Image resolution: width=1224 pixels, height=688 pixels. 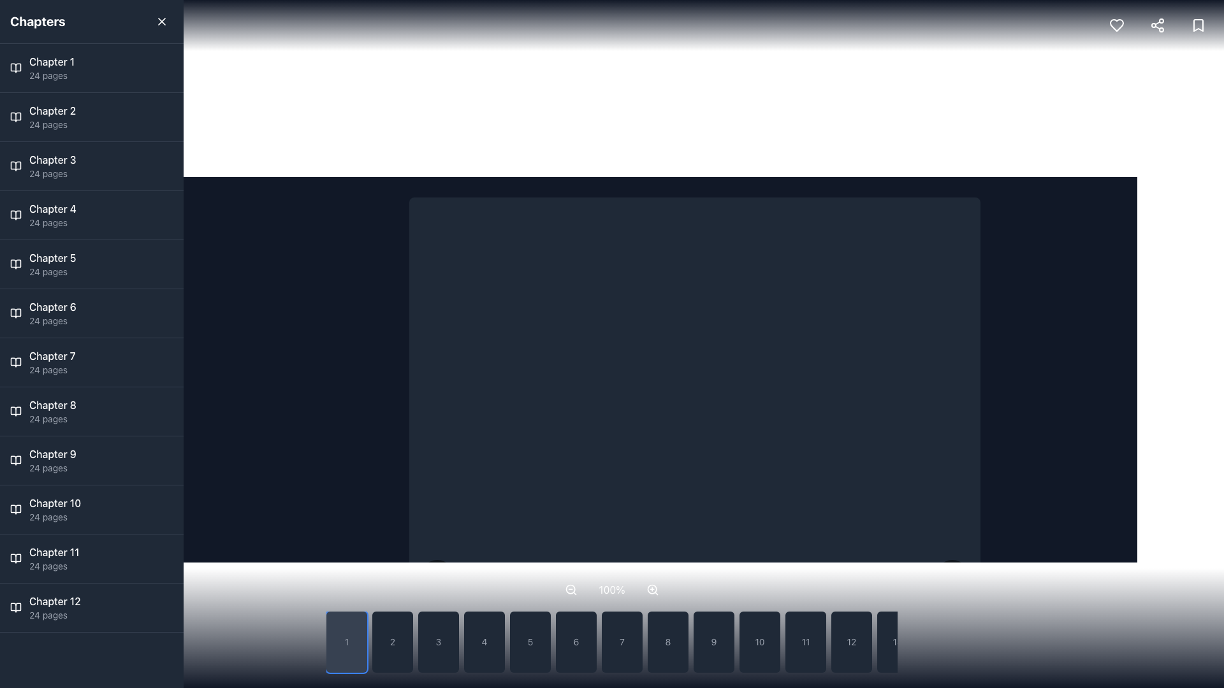 What do you see at coordinates (52, 271) in the screenshot?
I see `the Text Label that indicates the number of pages in 'Chapter 5', located in the left sidebar panel as the second line of text under the chapter title` at bounding box center [52, 271].